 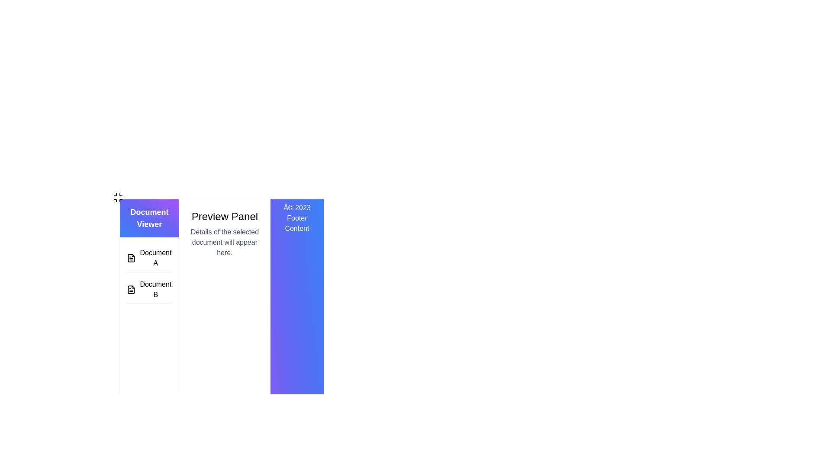 What do you see at coordinates (149, 258) in the screenshot?
I see `the first selectable menu item labeled 'Document A'` at bounding box center [149, 258].